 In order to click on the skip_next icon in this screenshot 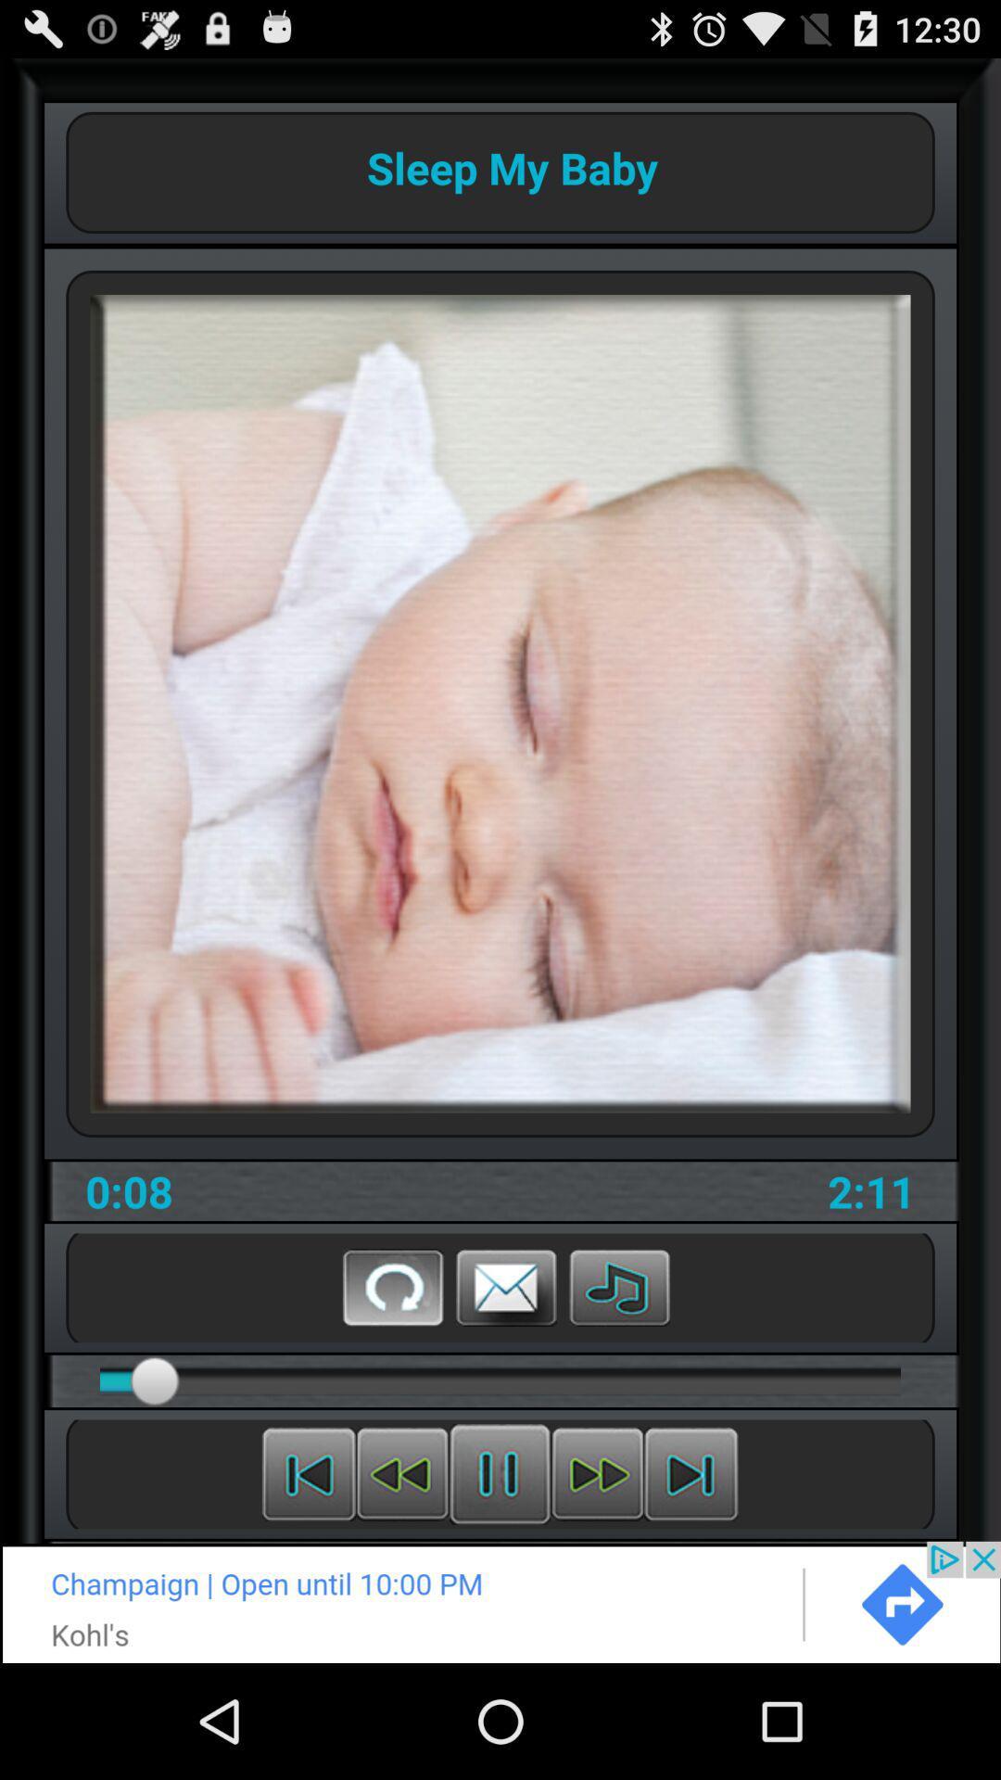, I will do `click(691, 1577)`.